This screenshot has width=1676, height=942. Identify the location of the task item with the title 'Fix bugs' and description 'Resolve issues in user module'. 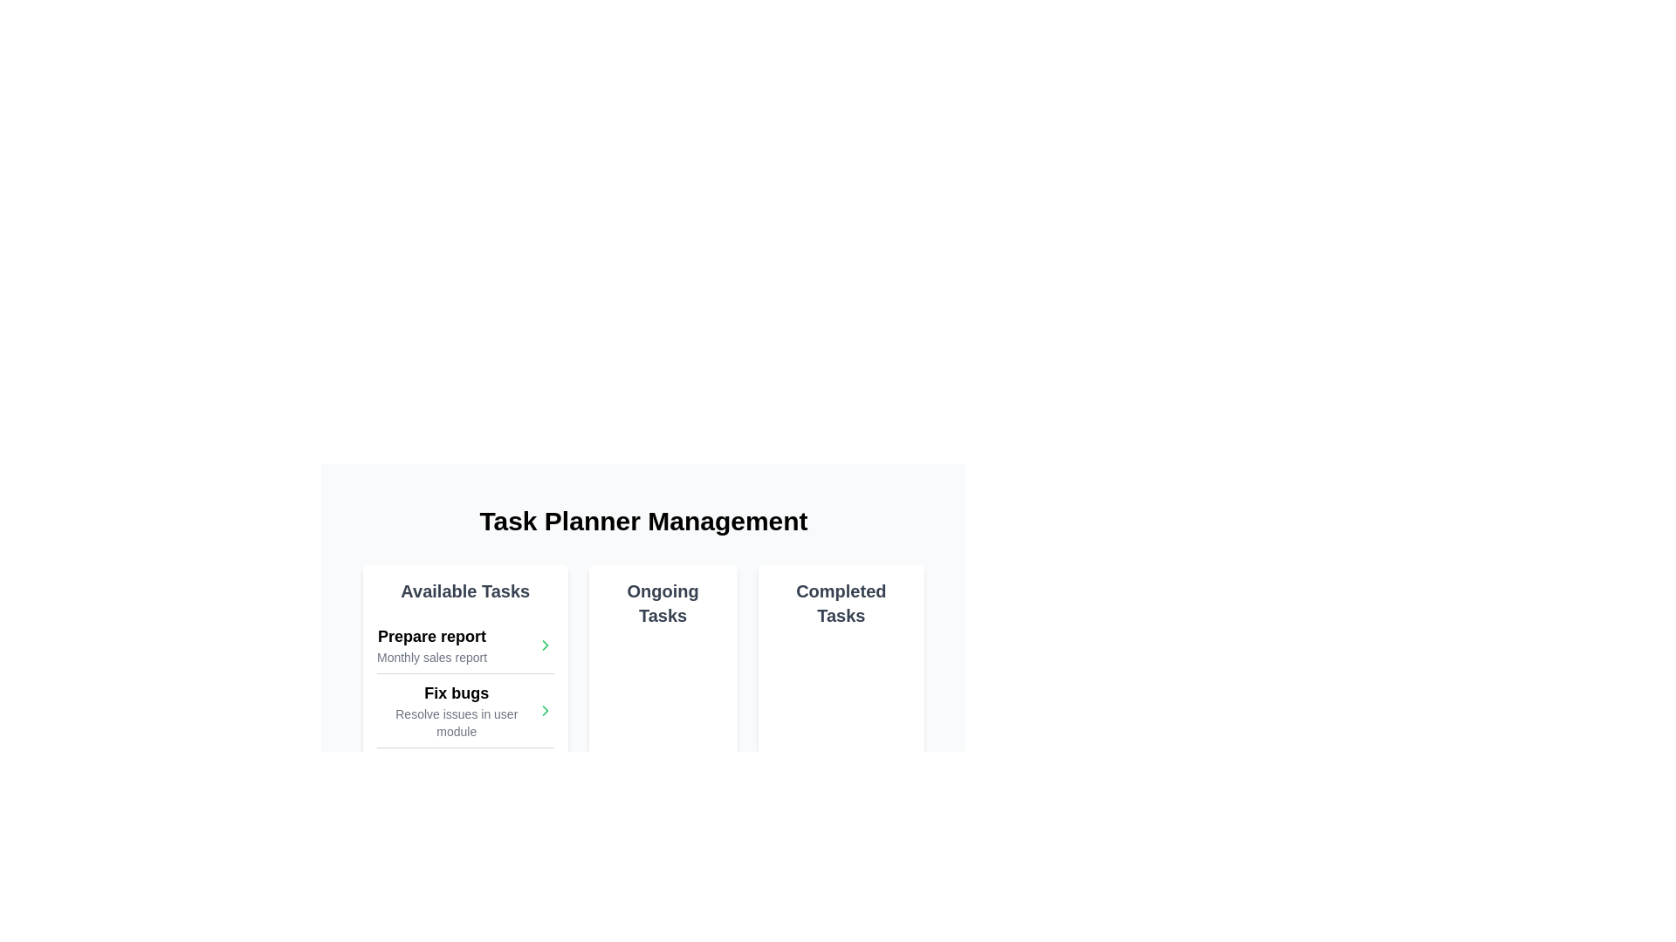
(465, 710).